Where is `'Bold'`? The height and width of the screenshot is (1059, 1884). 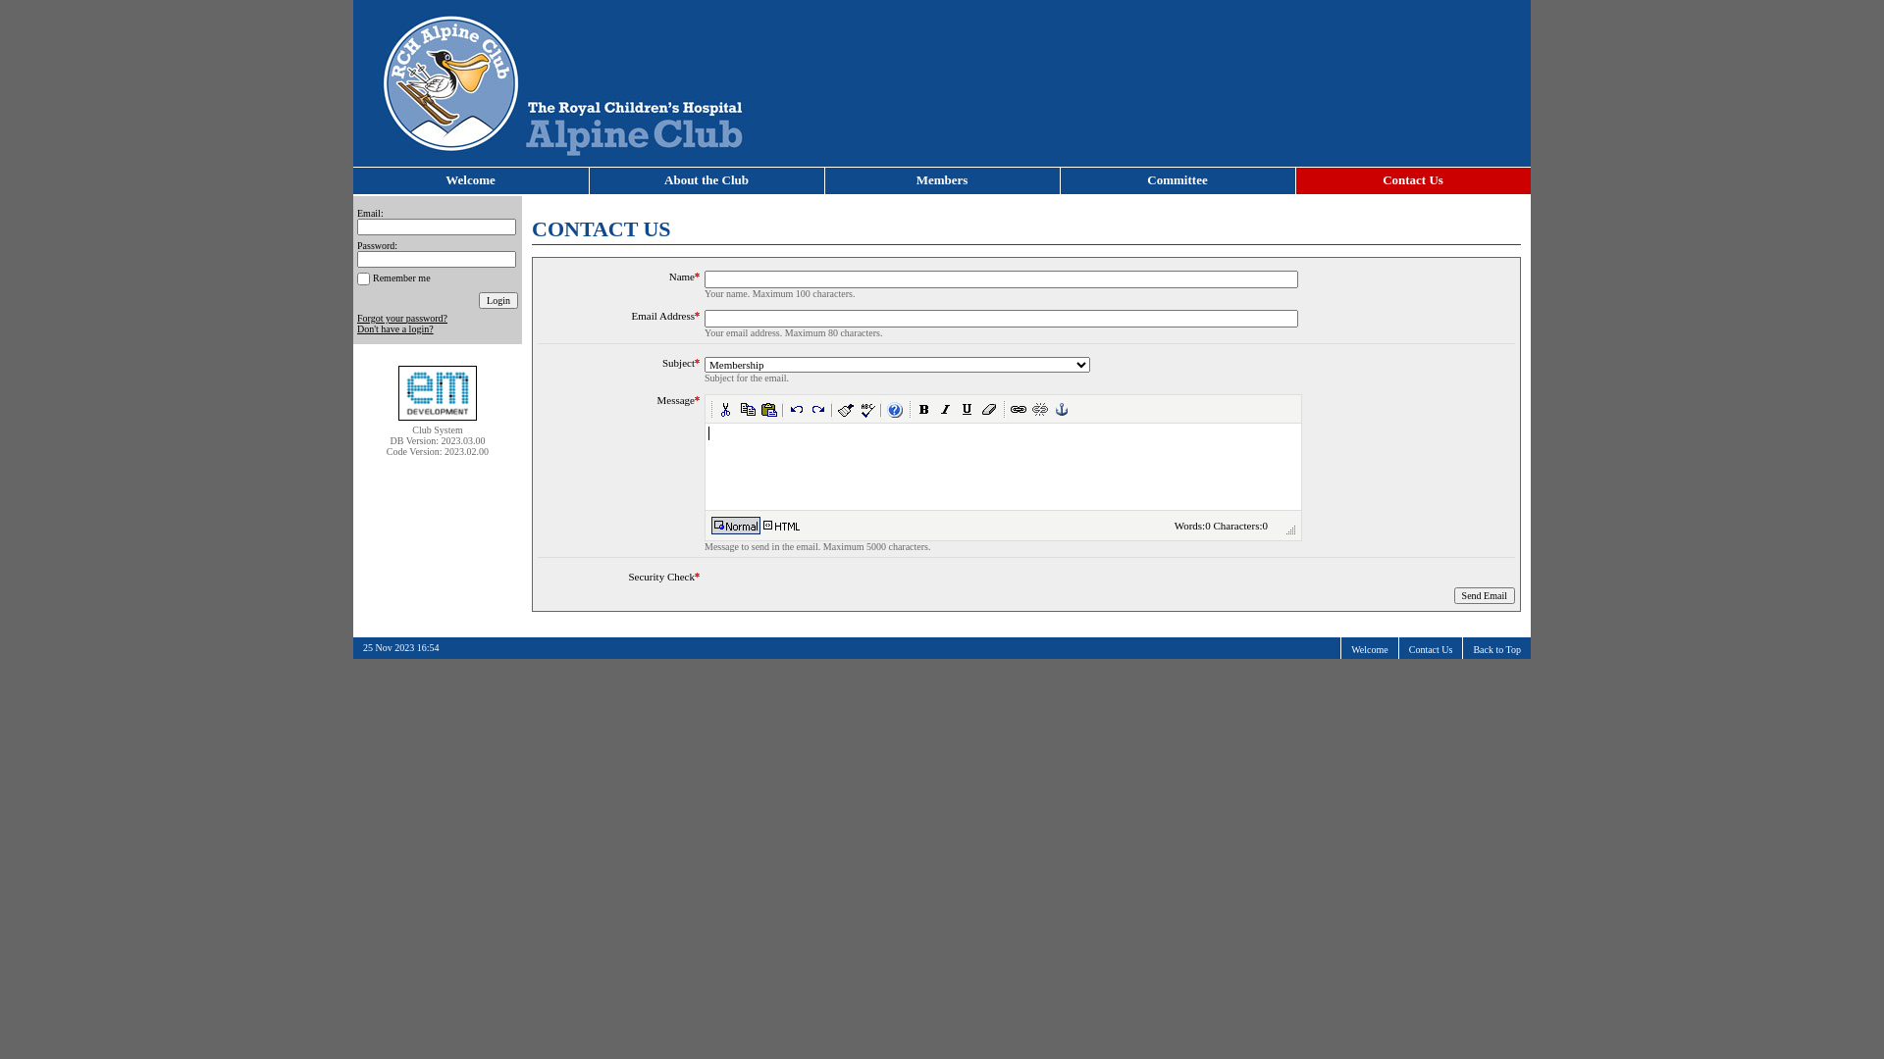 'Bold' is located at coordinates (922, 408).